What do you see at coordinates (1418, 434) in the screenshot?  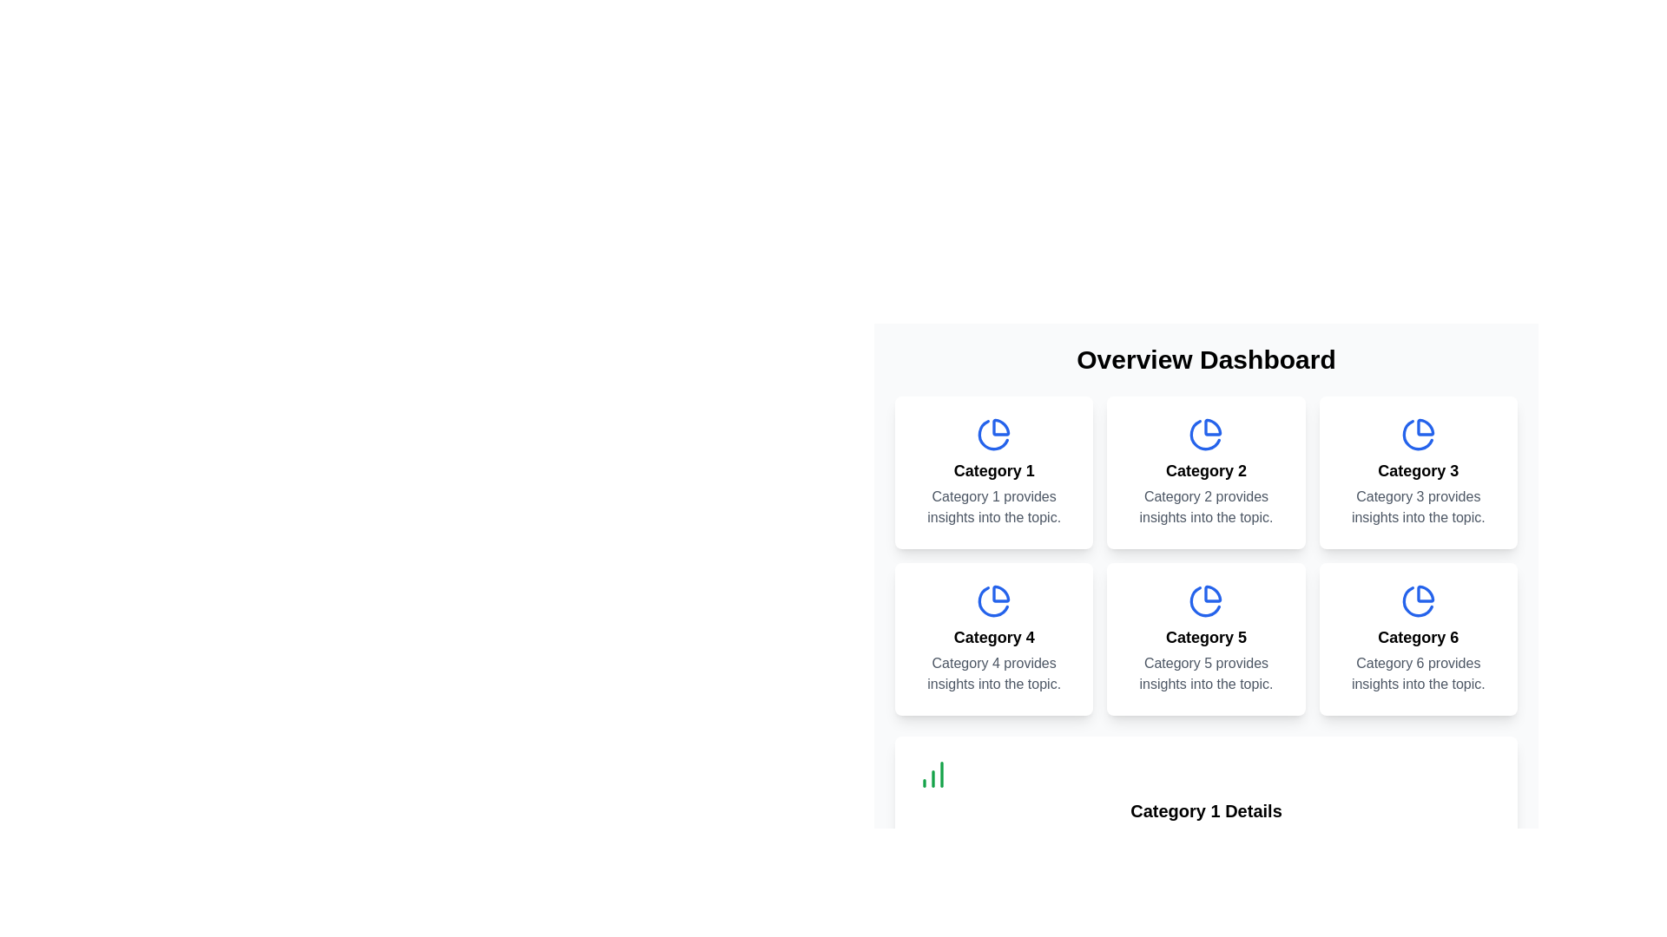 I see `the icon representing the card labeled 'Category 3', which is positioned at the top of the card, centered horizontally and located in the third position of the top row` at bounding box center [1418, 434].